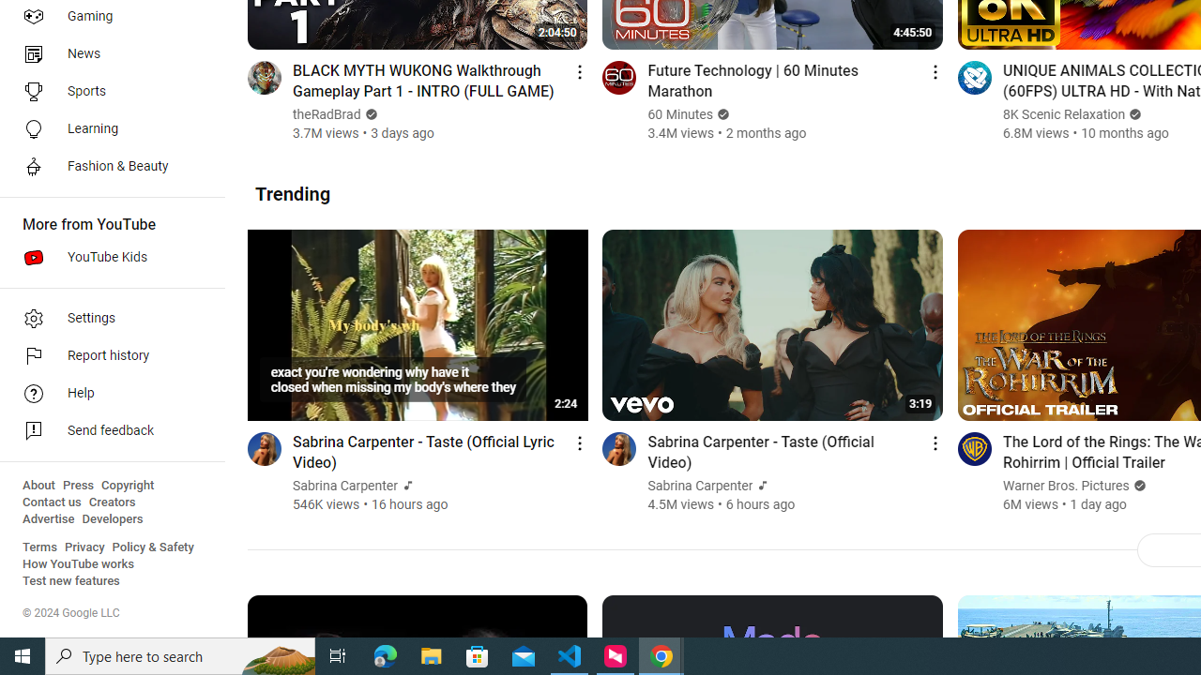  Describe the element at coordinates (105, 356) in the screenshot. I see `'Report history'` at that location.